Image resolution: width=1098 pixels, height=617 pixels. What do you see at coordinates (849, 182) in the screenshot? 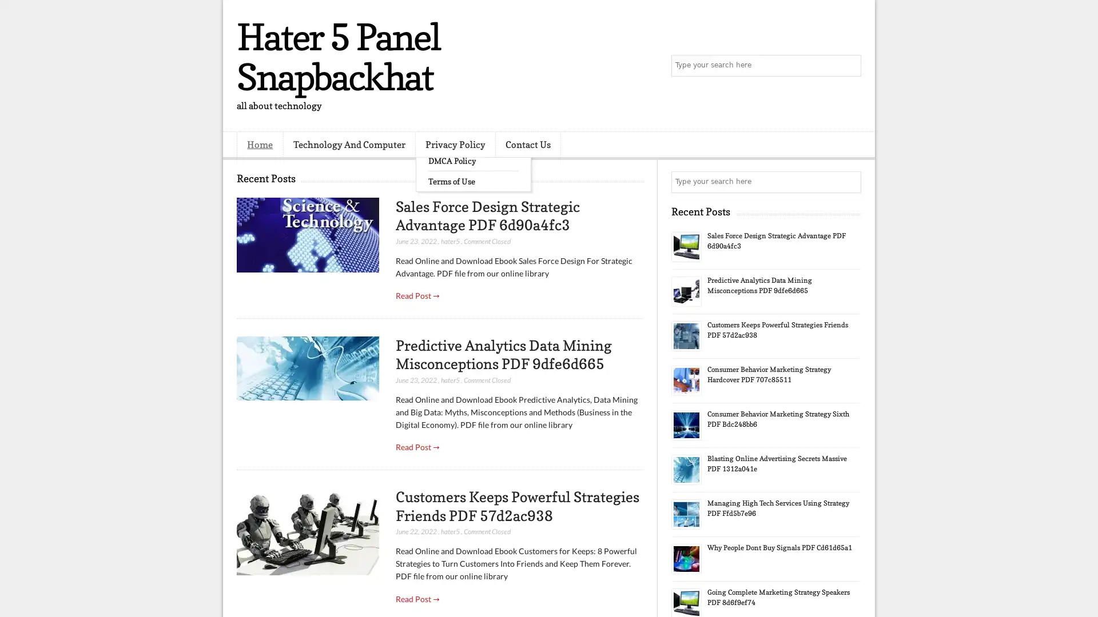
I see `Search` at bounding box center [849, 182].